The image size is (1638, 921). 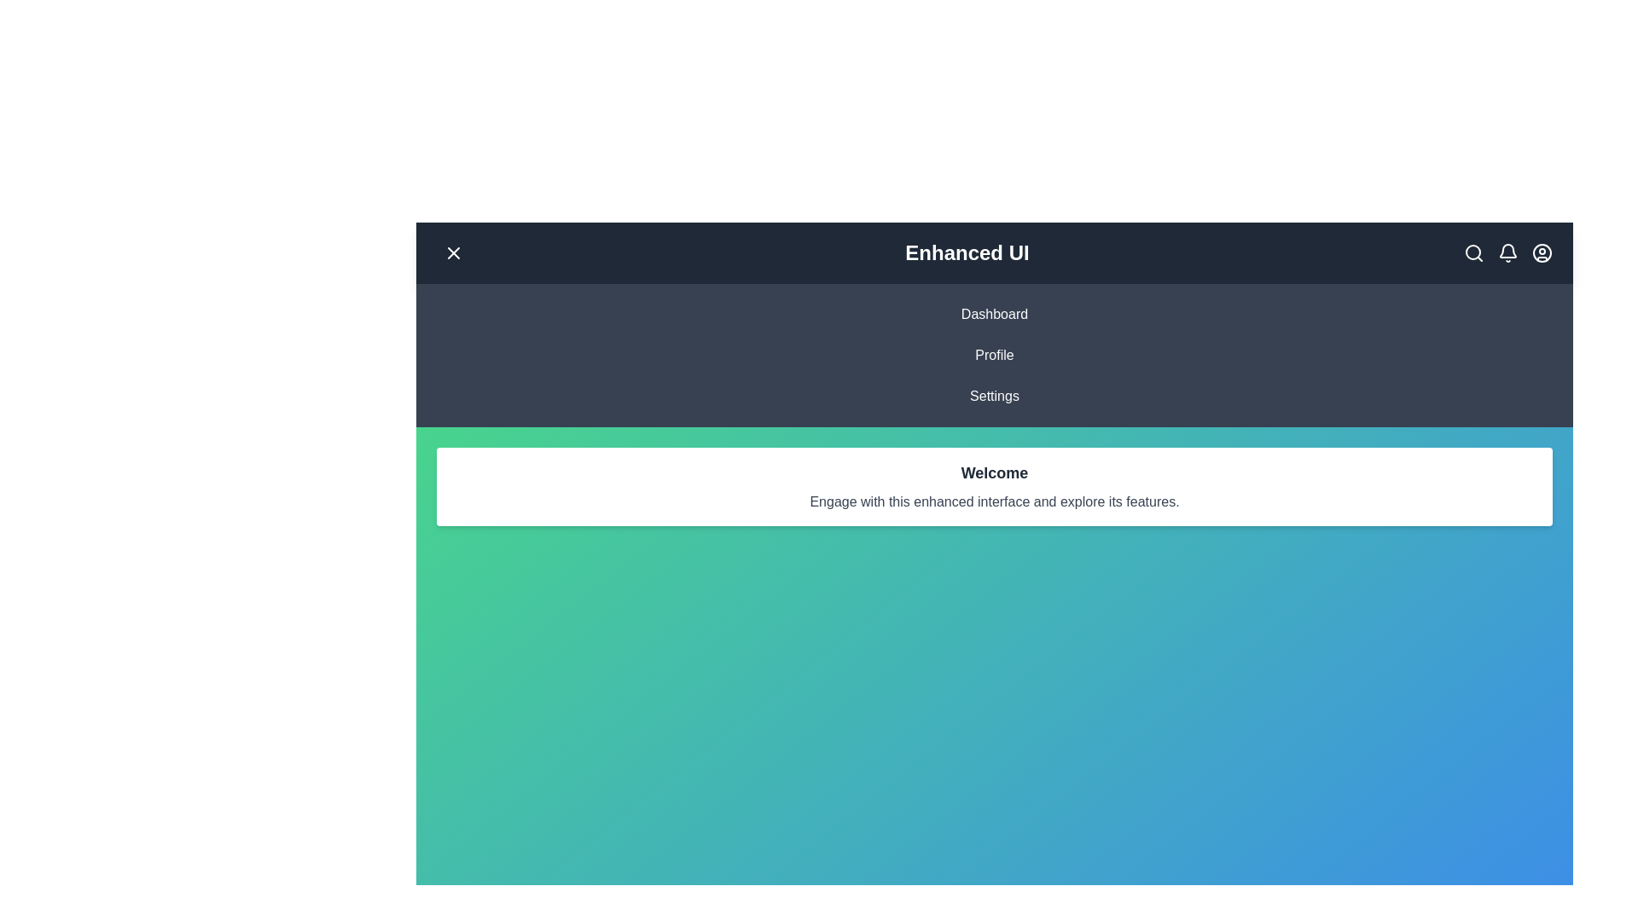 What do you see at coordinates (995, 315) in the screenshot?
I see `the menu item Dashboard by clicking on it` at bounding box center [995, 315].